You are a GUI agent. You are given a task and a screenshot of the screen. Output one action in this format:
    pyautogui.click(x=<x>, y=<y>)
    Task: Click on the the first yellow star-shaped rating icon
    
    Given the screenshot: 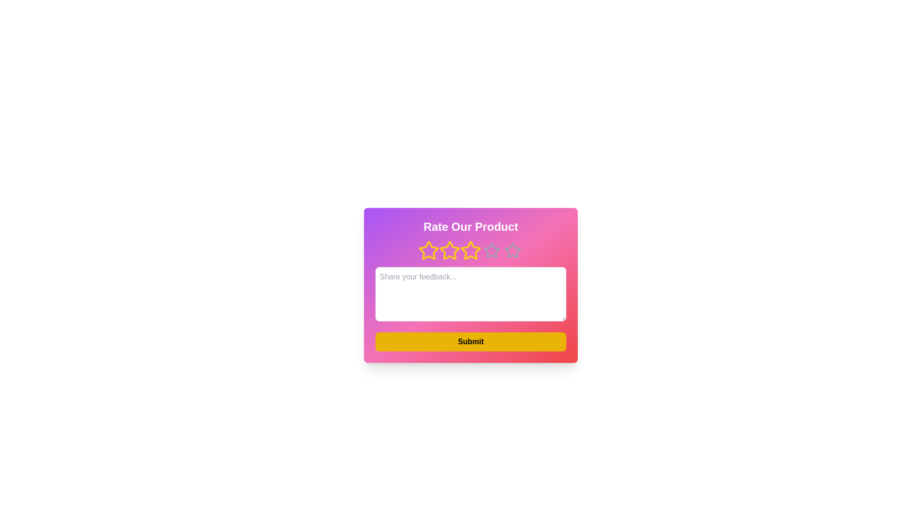 What is the action you would take?
    pyautogui.click(x=428, y=250)
    